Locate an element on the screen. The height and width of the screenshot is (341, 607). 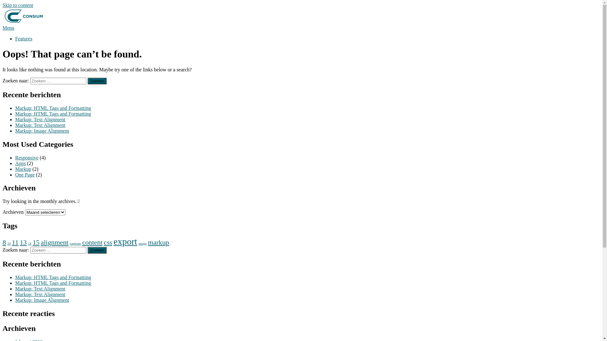
'Markup: Text Alignment' is located at coordinates (40, 125).